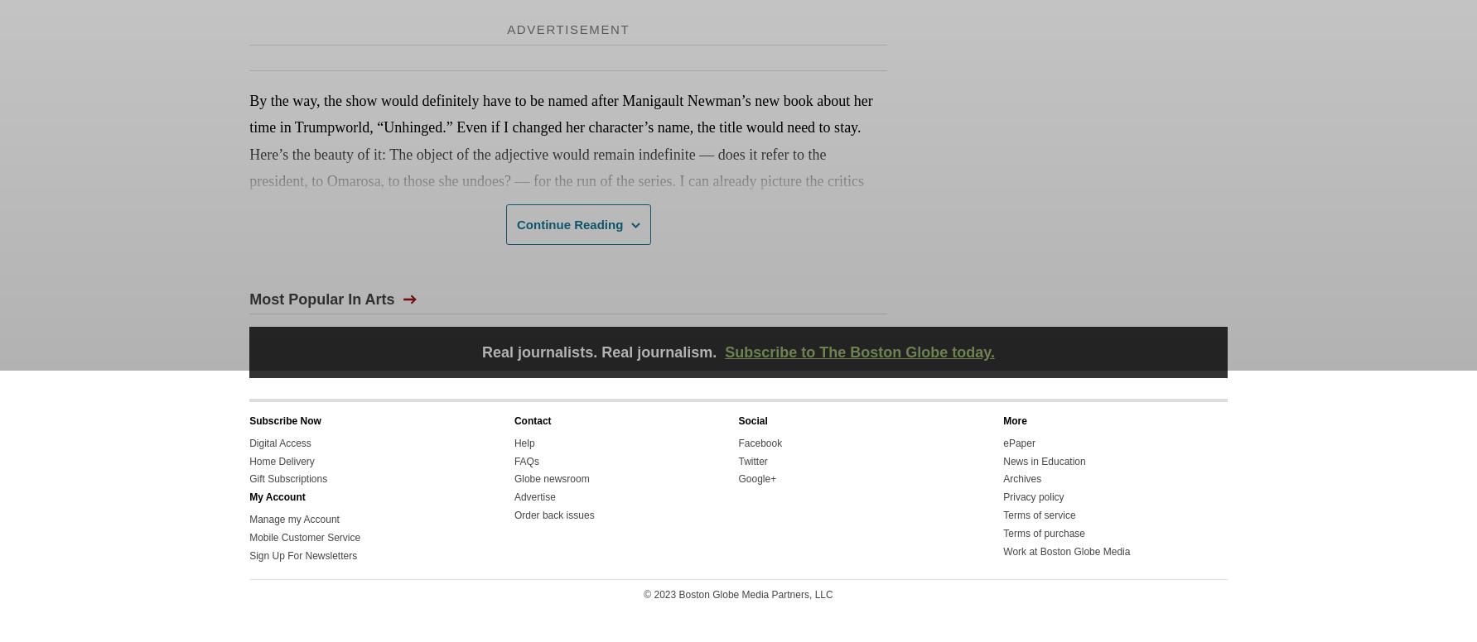 This screenshot has width=1477, height=642. Describe the element at coordinates (1039, 515) in the screenshot. I see `'Terms of service'` at that location.